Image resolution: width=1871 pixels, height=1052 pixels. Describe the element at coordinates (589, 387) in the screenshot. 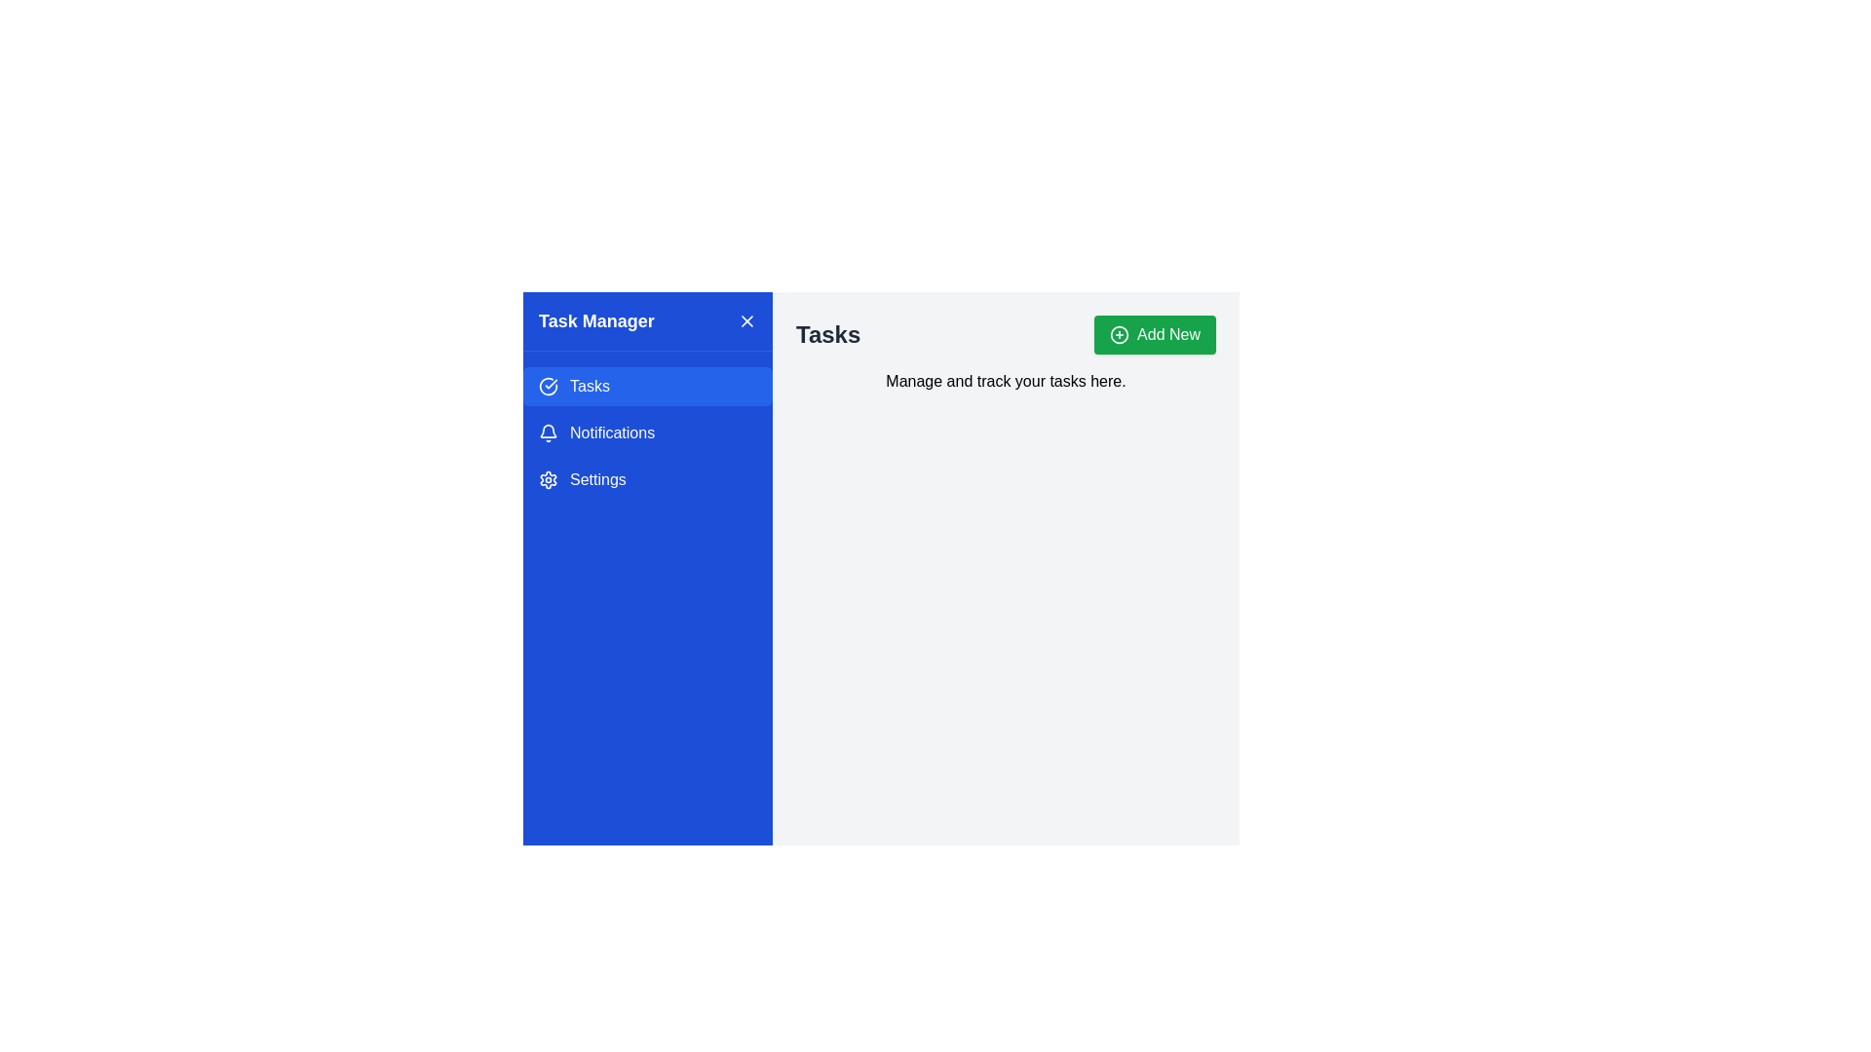

I see `text content of the static label element displaying 'Tasks' located on the left-side panel, styled in white on a blue background` at that location.